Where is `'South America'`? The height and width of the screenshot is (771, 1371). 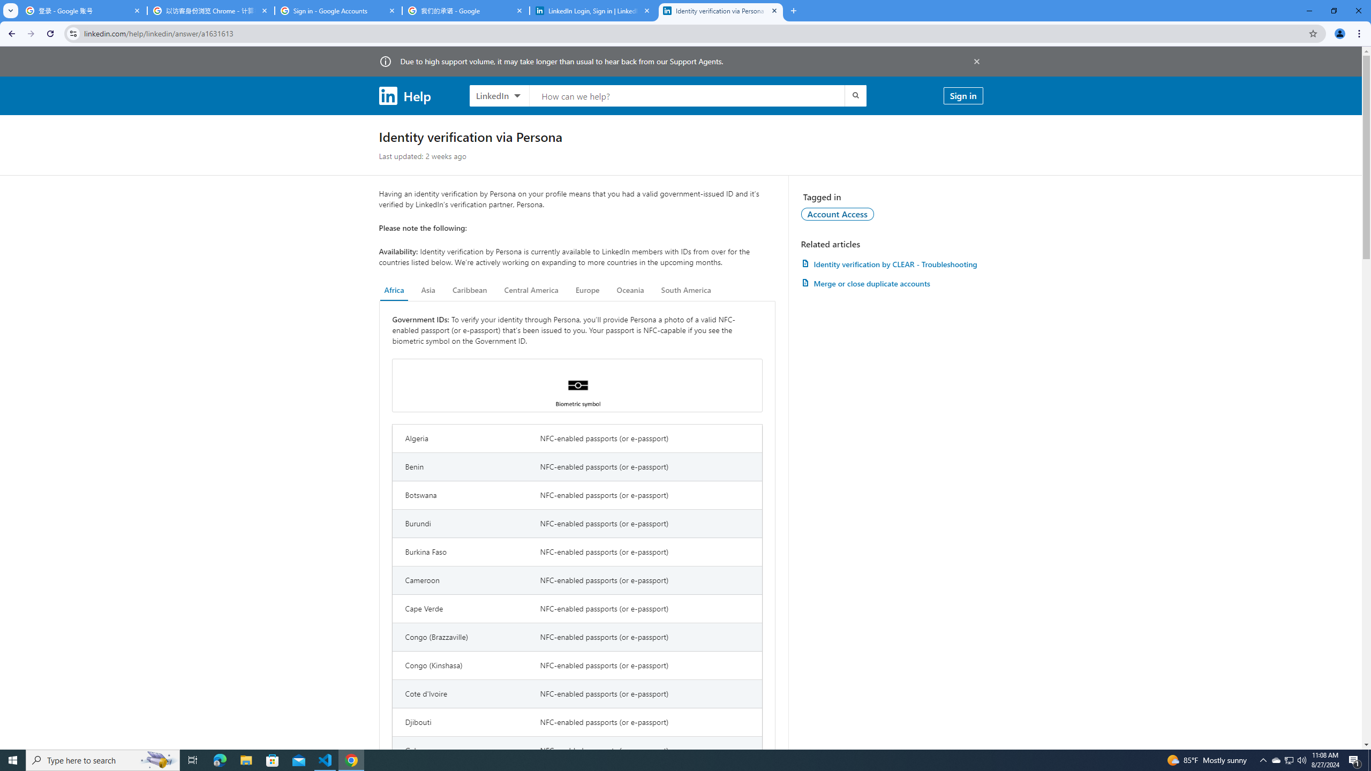 'South America' is located at coordinates (685, 290).